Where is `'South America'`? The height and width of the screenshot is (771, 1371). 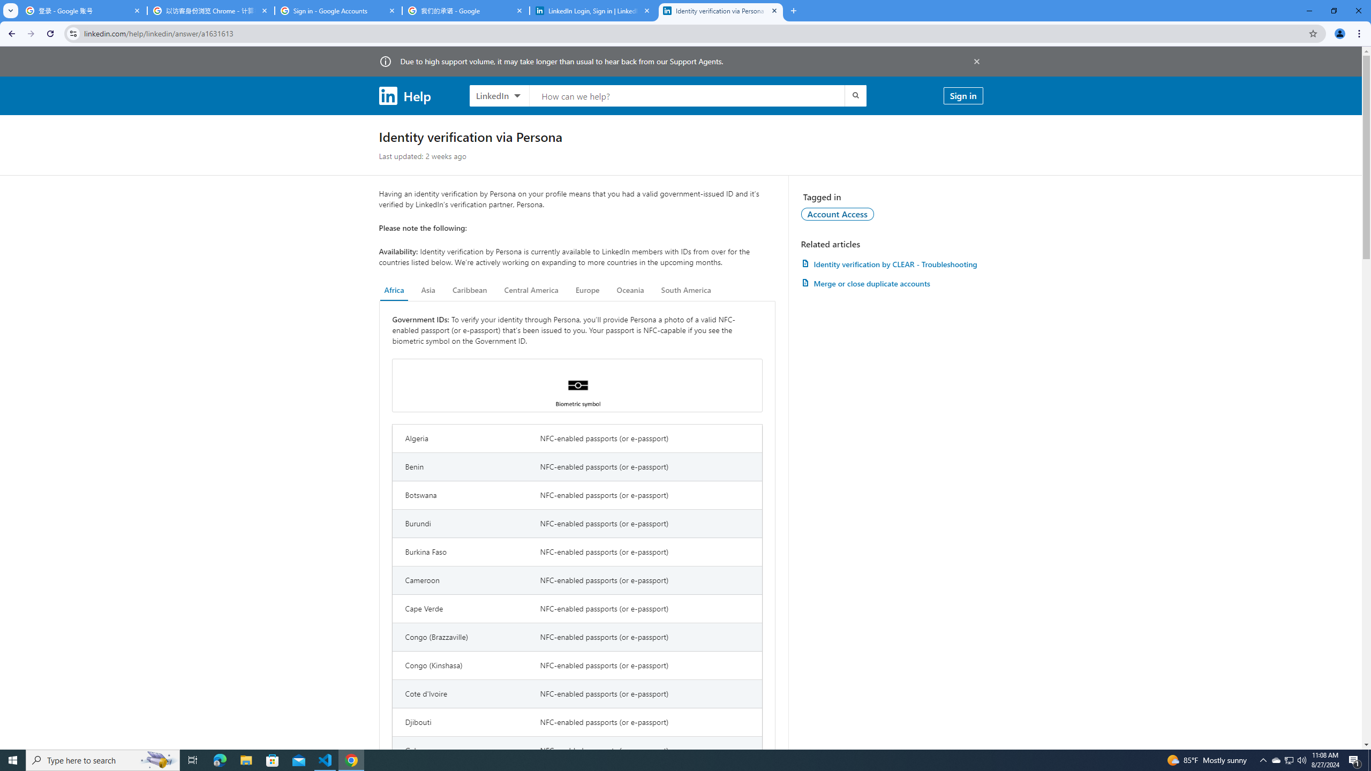 'South America' is located at coordinates (685, 290).